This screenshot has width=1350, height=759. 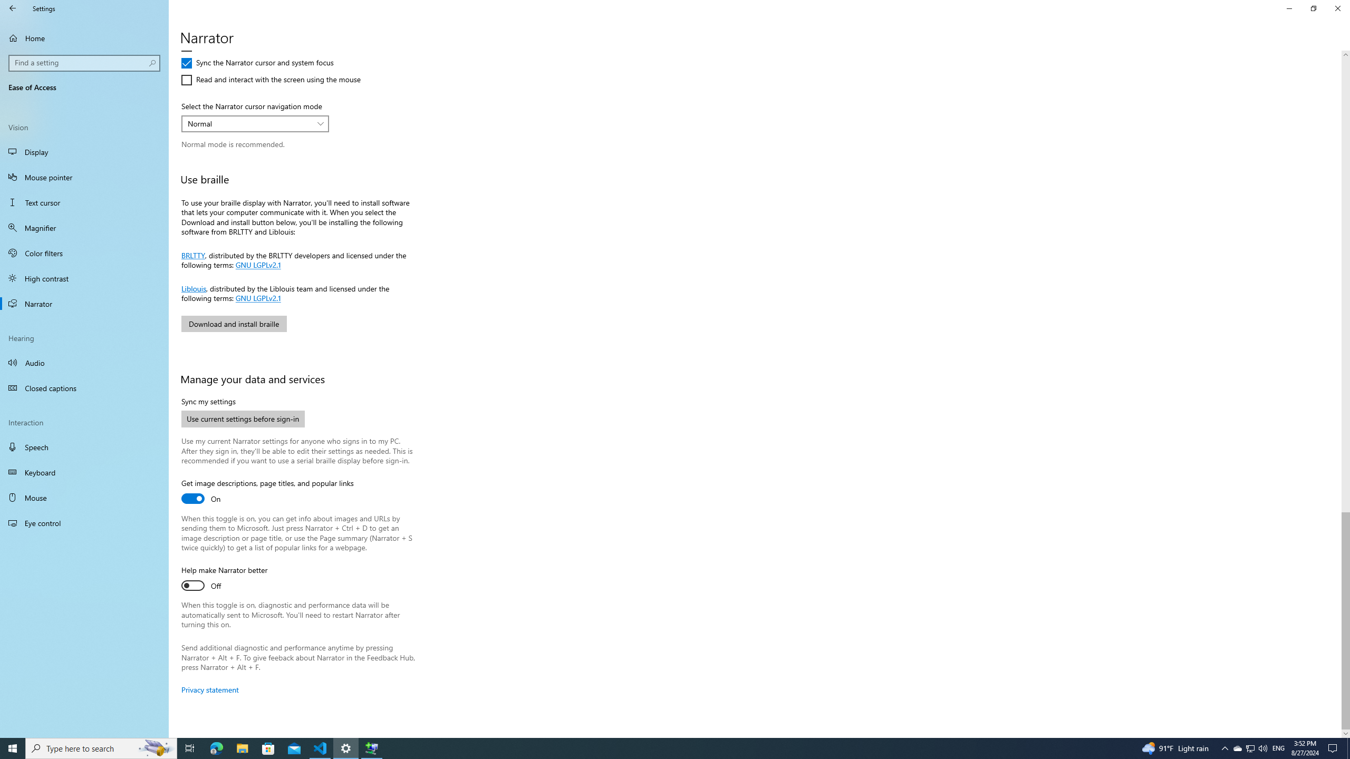 What do you see at coordinates (193, 254) in the screenshot?
I see `'BRLTTY'` at bounding box center [193, 254].